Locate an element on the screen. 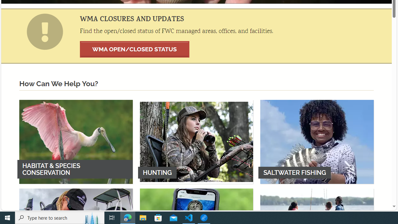  'WMA OPEN/CLOSED STATUS' is located at coordinates (134, 49).